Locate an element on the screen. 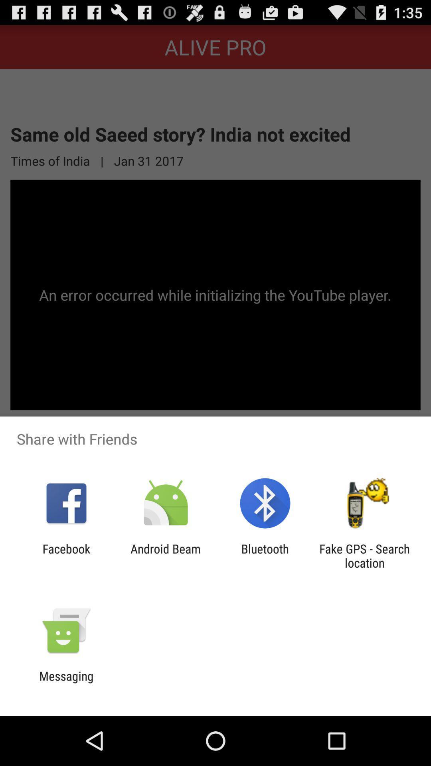 This screenshot has height=766, width=431. the app to the right of facebook item is located at coordinates (165, 555).